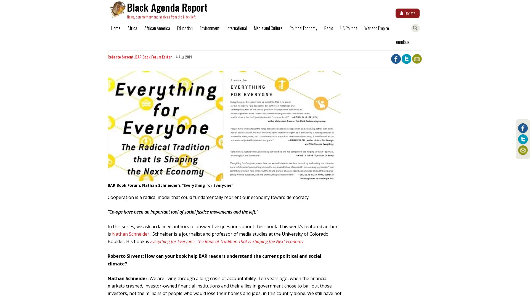 Image resolution: width=530 pixels, height=298 pixels. What do you see at coordinates (407, 13) in the screenshot?
I see `Donate` at bounding box center [407, 13].